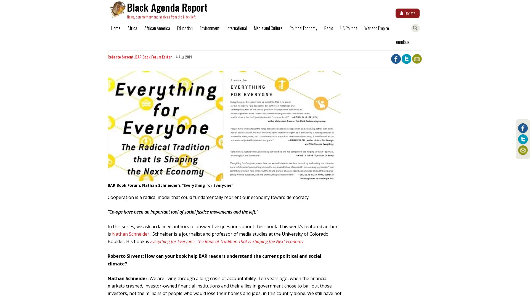 Image resolution: width=530 pixels, height=298 pixels. What do you see at coordinates (407, 13) in the screenshot?
I see `Donate` at bounding box center [407, 13].